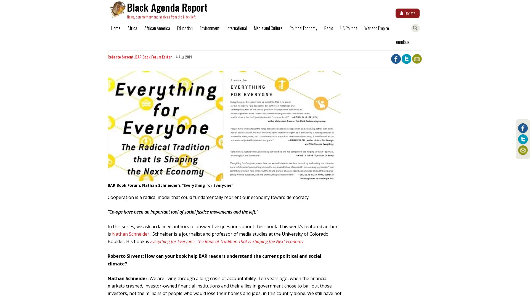 Image resolution: width=530 pixels, height=298 pixels. What do you see at coordinates (407, 13) in the screenshot?
I see `Donate` at bounding box center [407, 13].